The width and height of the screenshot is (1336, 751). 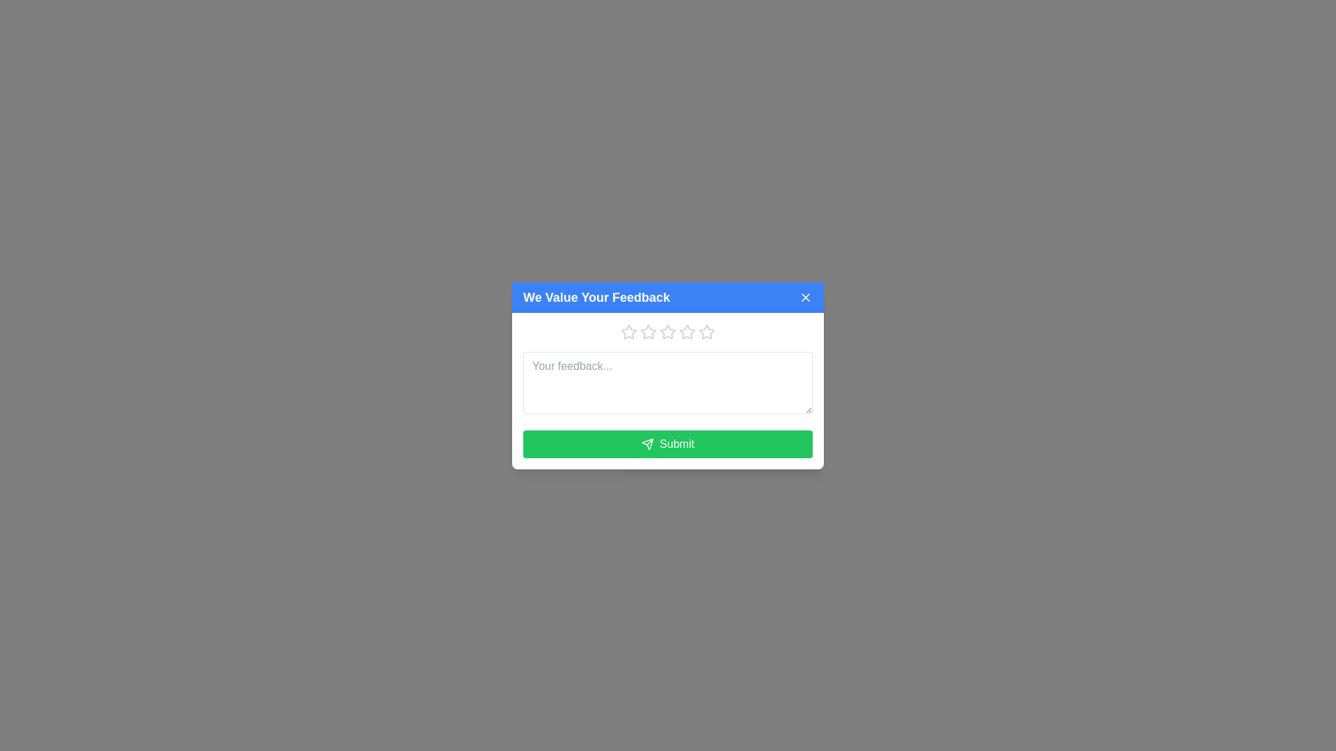 I want to click on the visual styling of the triangular-shaped icon resembling a paper plane with a white outline on a green background located within the 'Submit' button, so click(x=647, y=444).